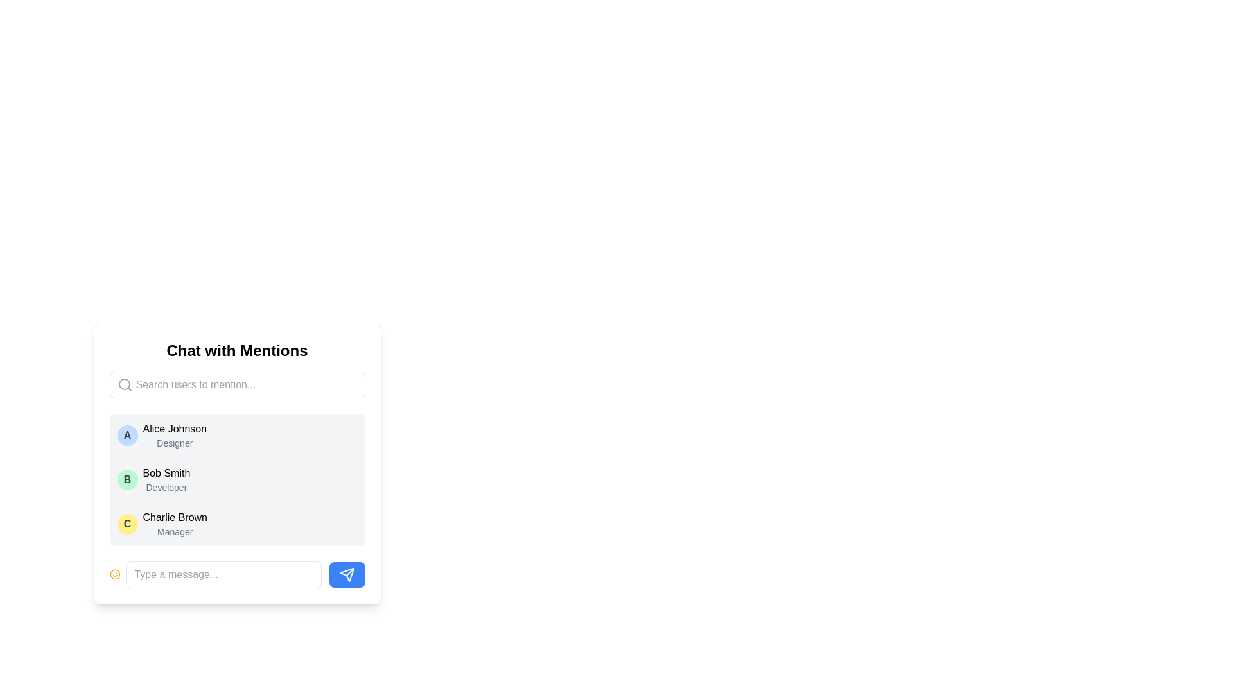 Image resolution: width=1233 pixels, height=693 pixels. Describe the element at coordinates (237, 434) in the screenshot. I see `the list item representing the user 'Alice Johnson'` at that location.